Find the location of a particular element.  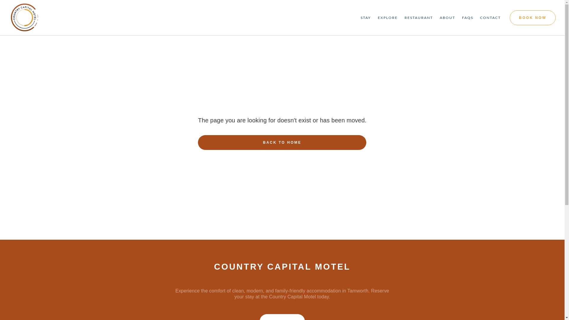

'FAQS' is located at coordinates (467, 17).